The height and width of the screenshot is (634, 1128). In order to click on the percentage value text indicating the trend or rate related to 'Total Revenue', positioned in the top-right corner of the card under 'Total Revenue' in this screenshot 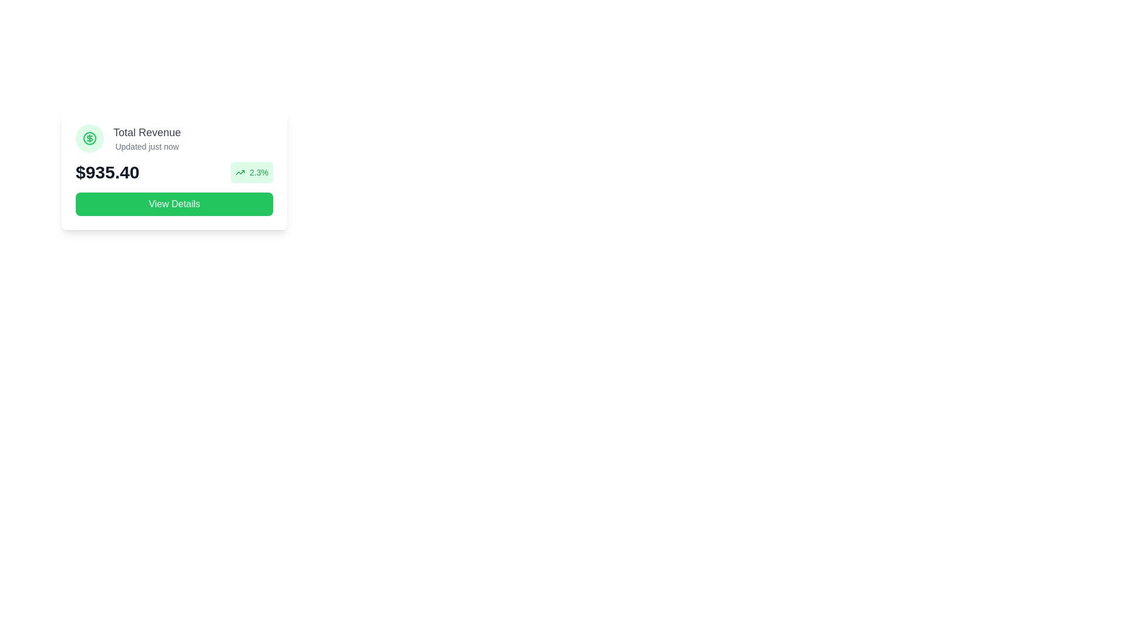, I will do `click(258, 172)`.